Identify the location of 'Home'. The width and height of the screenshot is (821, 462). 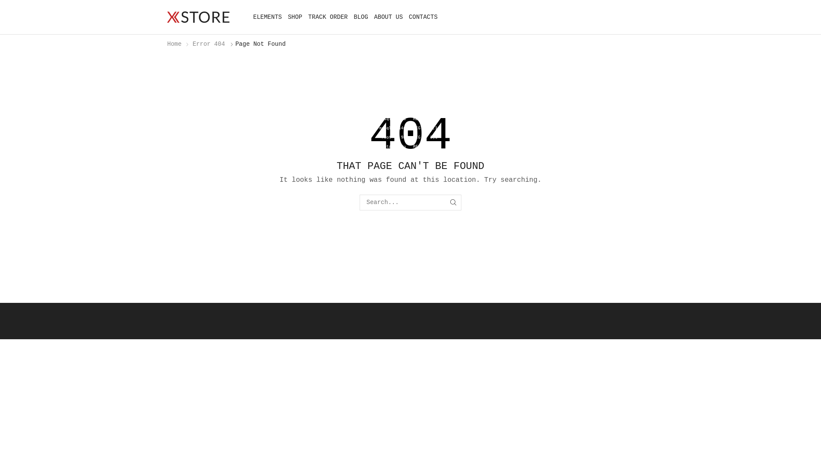
(166, 44).